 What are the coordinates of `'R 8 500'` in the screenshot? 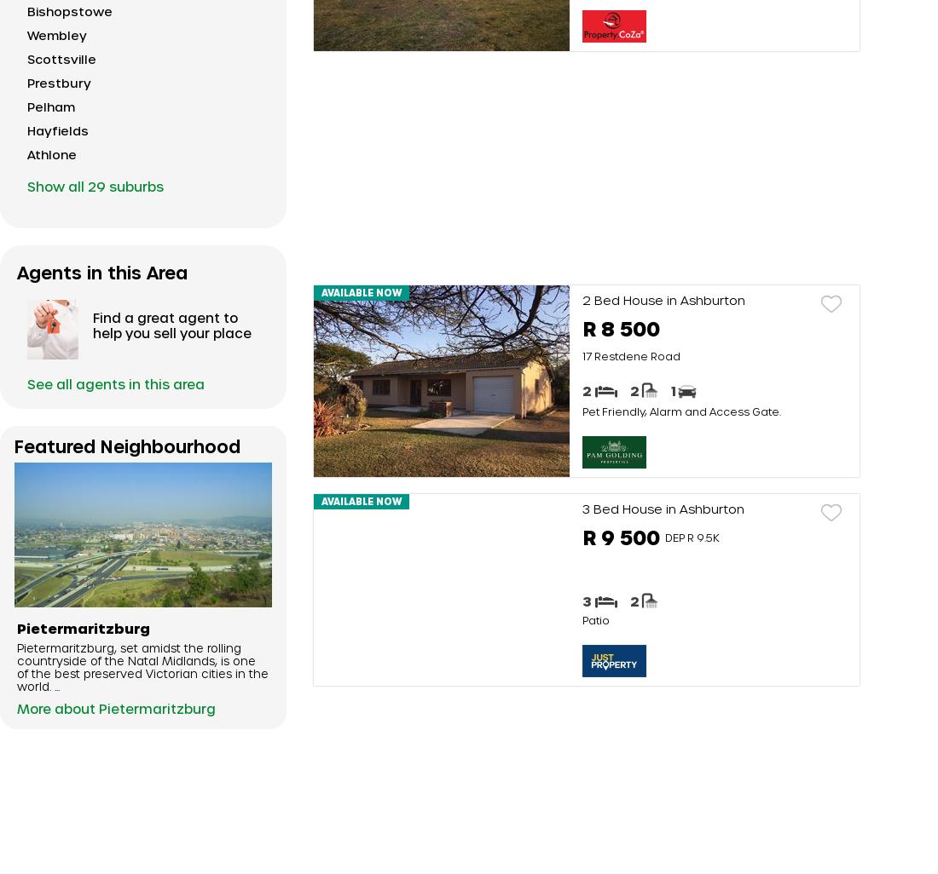 It's located at (620, 327).